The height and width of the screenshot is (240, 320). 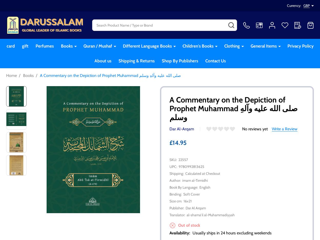 What do you see at coordinates (263, 46) in the screenshot?
I see `'General Items'` at bounding box center [263, 46].